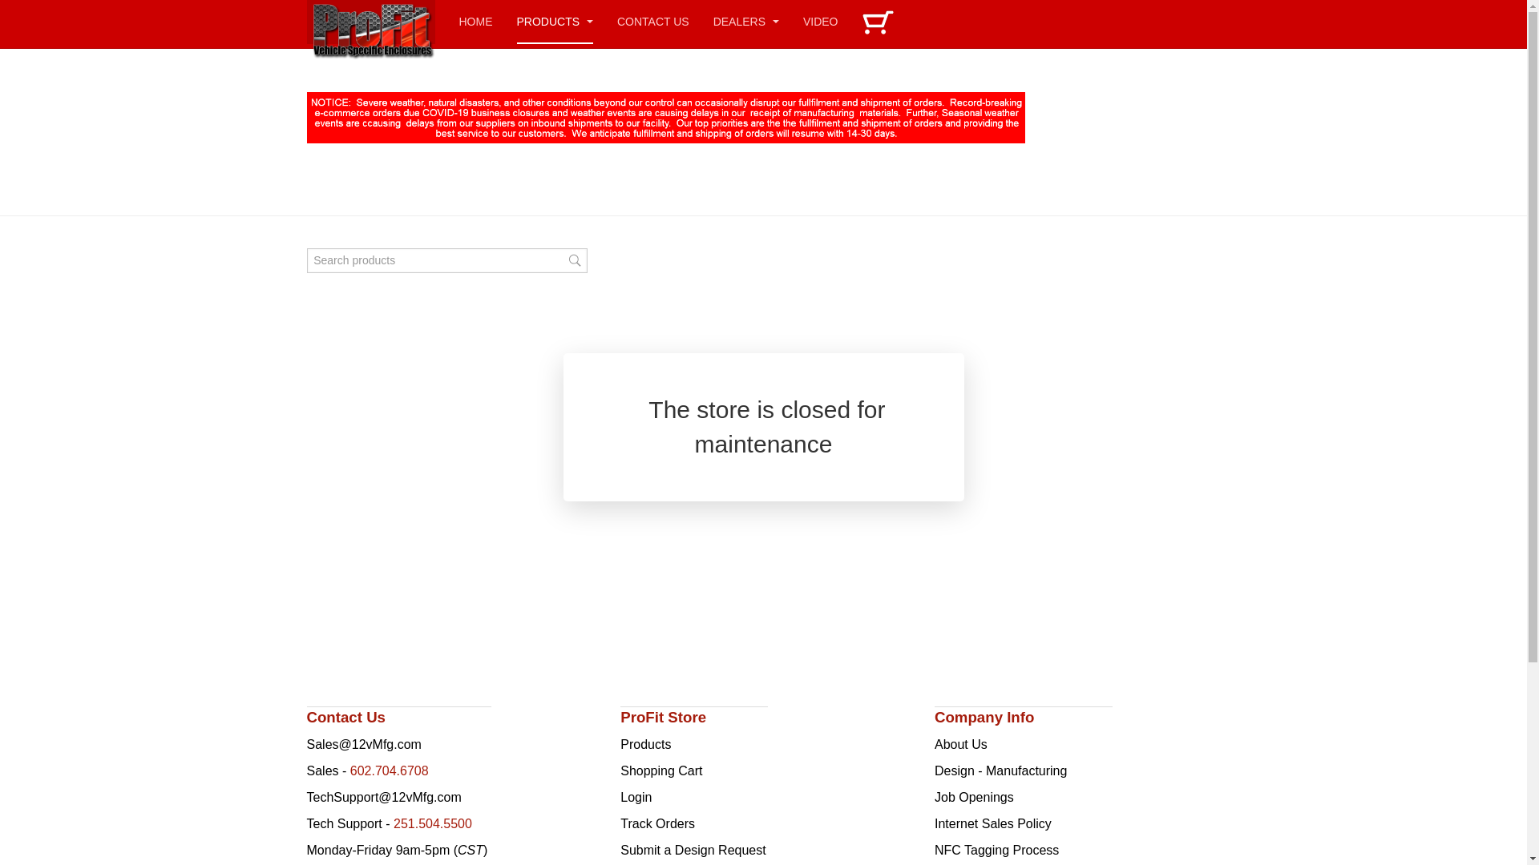 This screenshot has width=1539, height=865. I want to click on '251.504.5500', so click(393, 823).